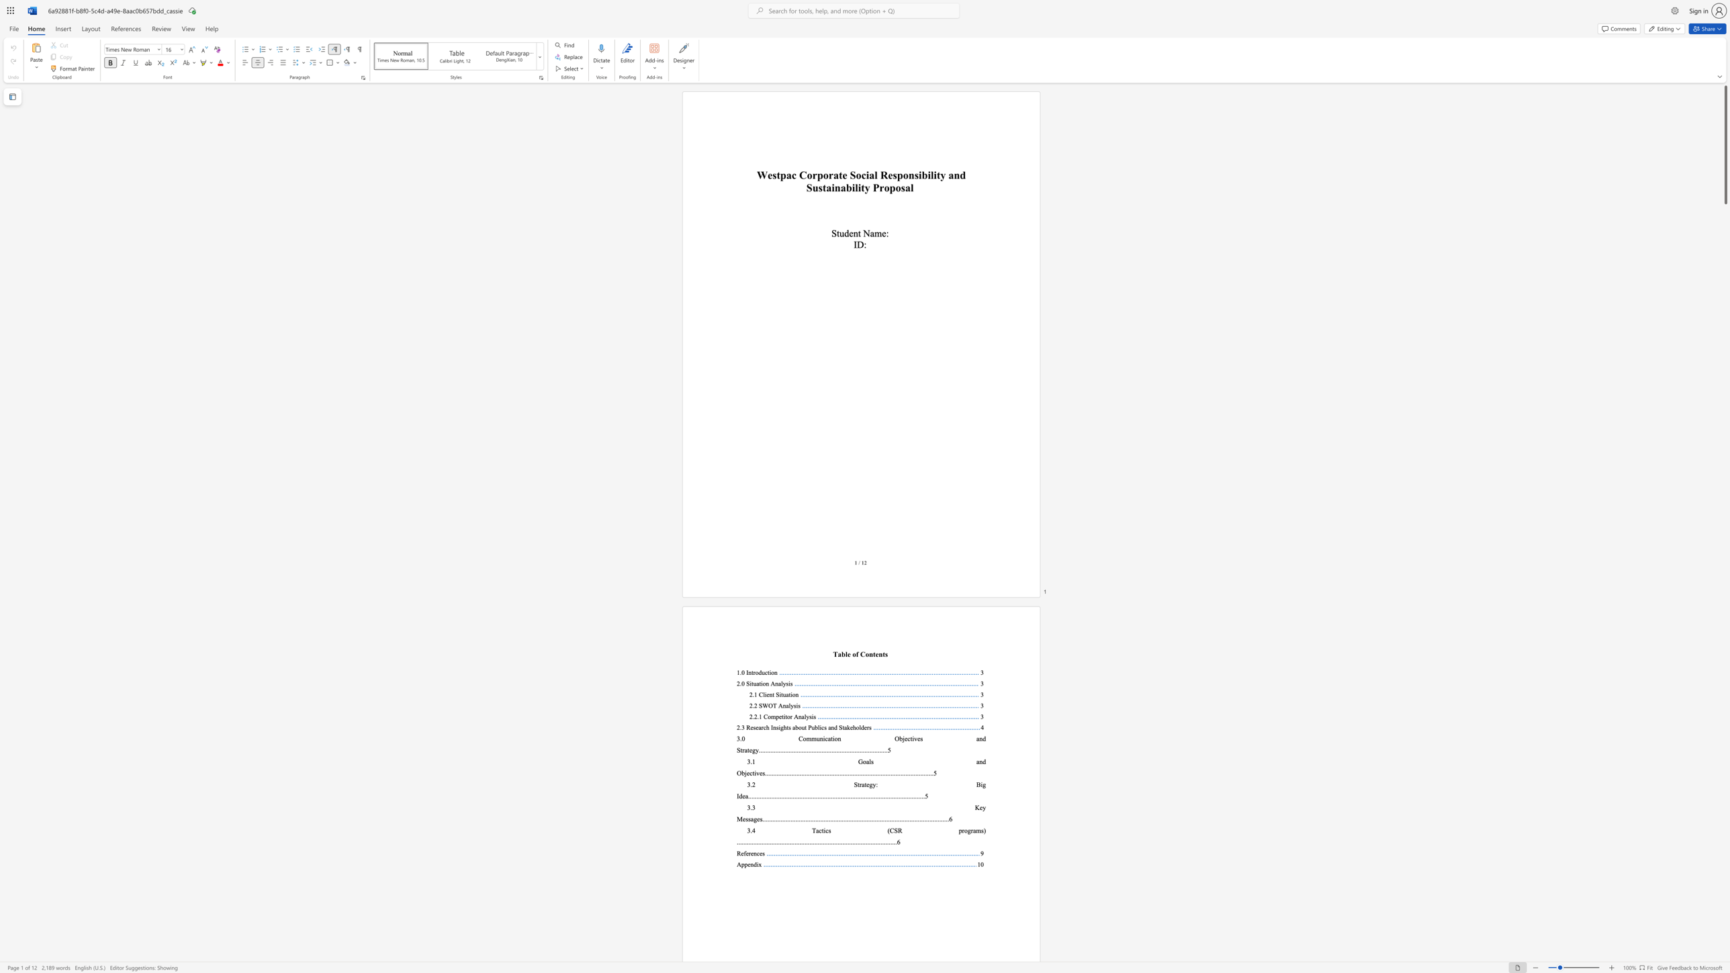 The width and height of the screenshot is (1730, 973). Describe the element at coordinates (758, 716) in the screenshot. I see `the subset text "1 Competitor A" within the text "2.2.1 Competitor Analysis"` at that location.